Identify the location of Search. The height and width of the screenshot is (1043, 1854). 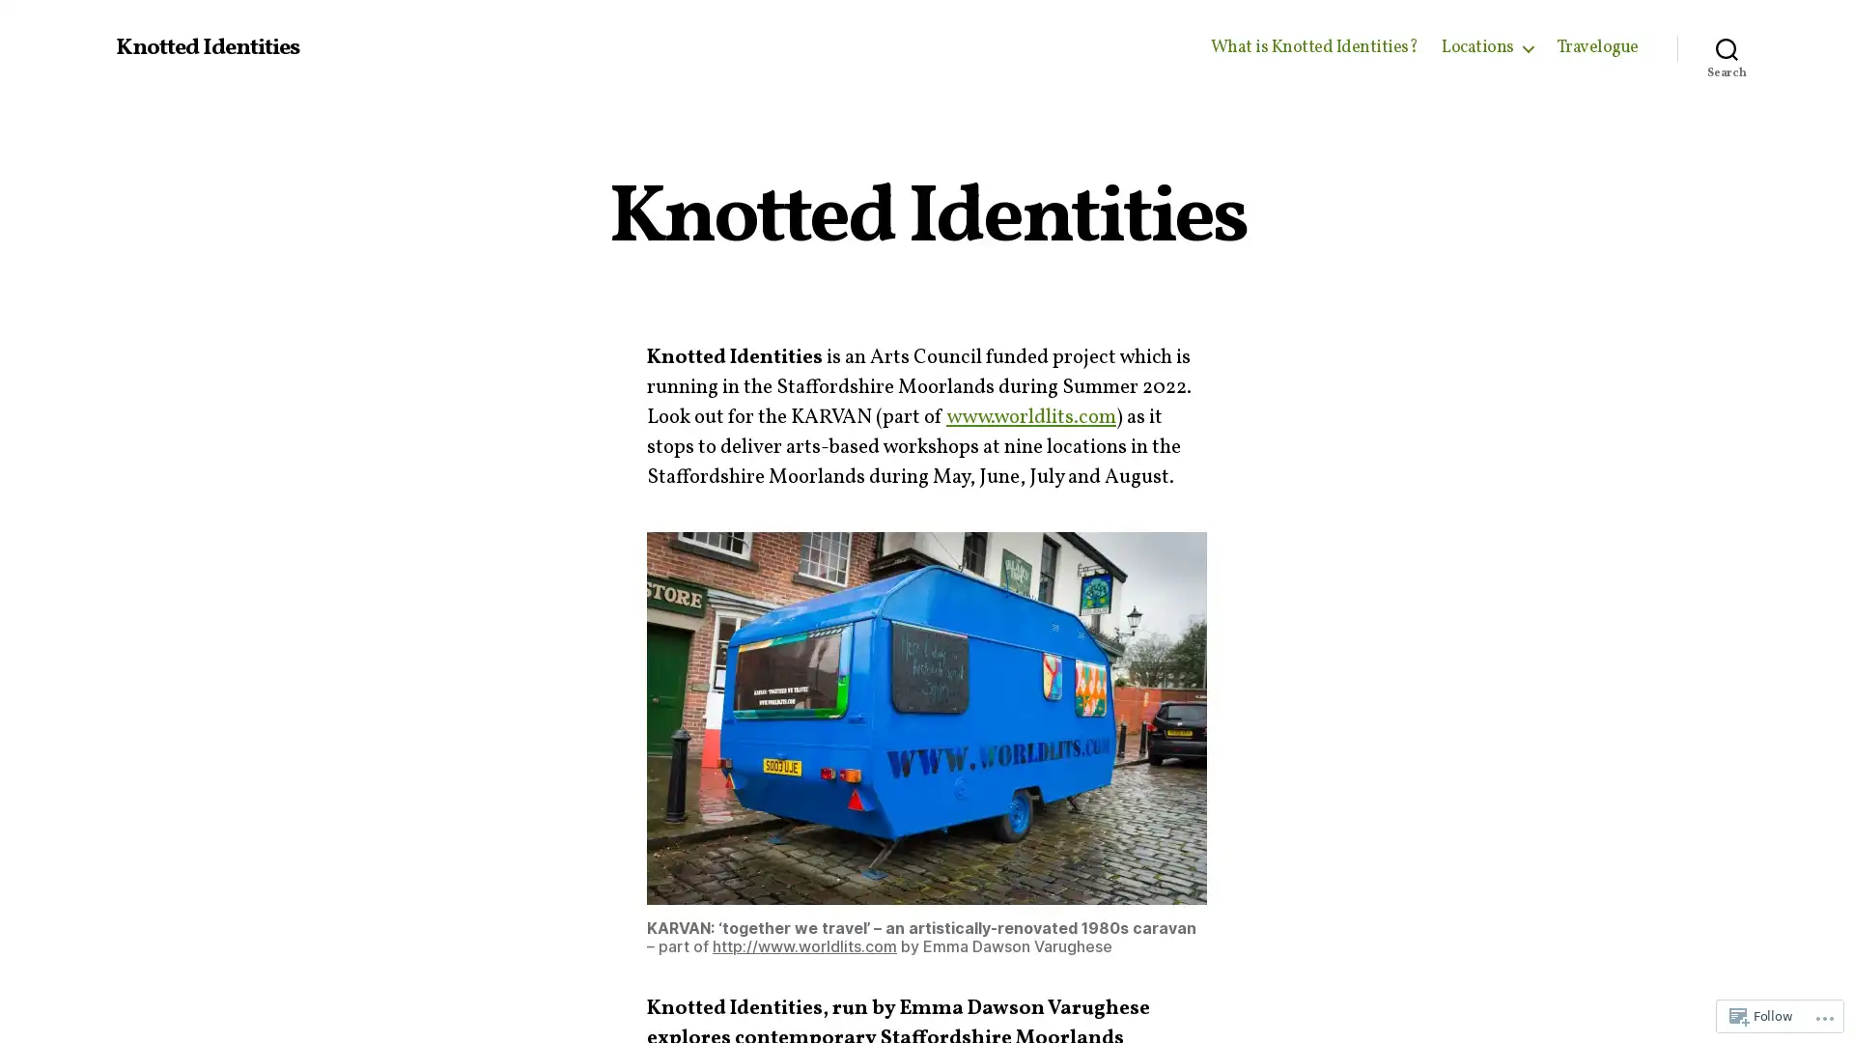
(1727, 47).